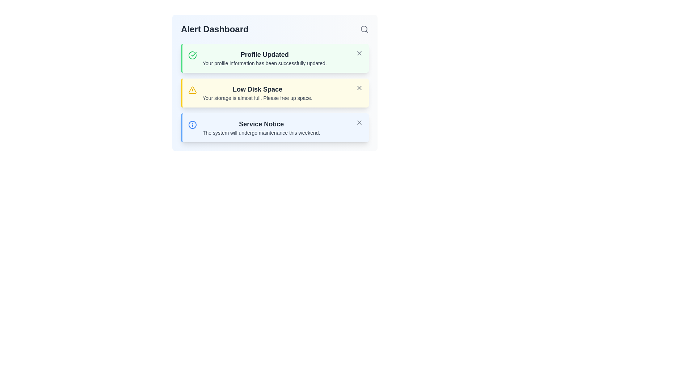 This screenshot has height=391, width=695. Describe the element at coordinates (359, 52) in the screenshot. I see `the close icon in the top right corner of the 'Profile Updated' notification` at that location.